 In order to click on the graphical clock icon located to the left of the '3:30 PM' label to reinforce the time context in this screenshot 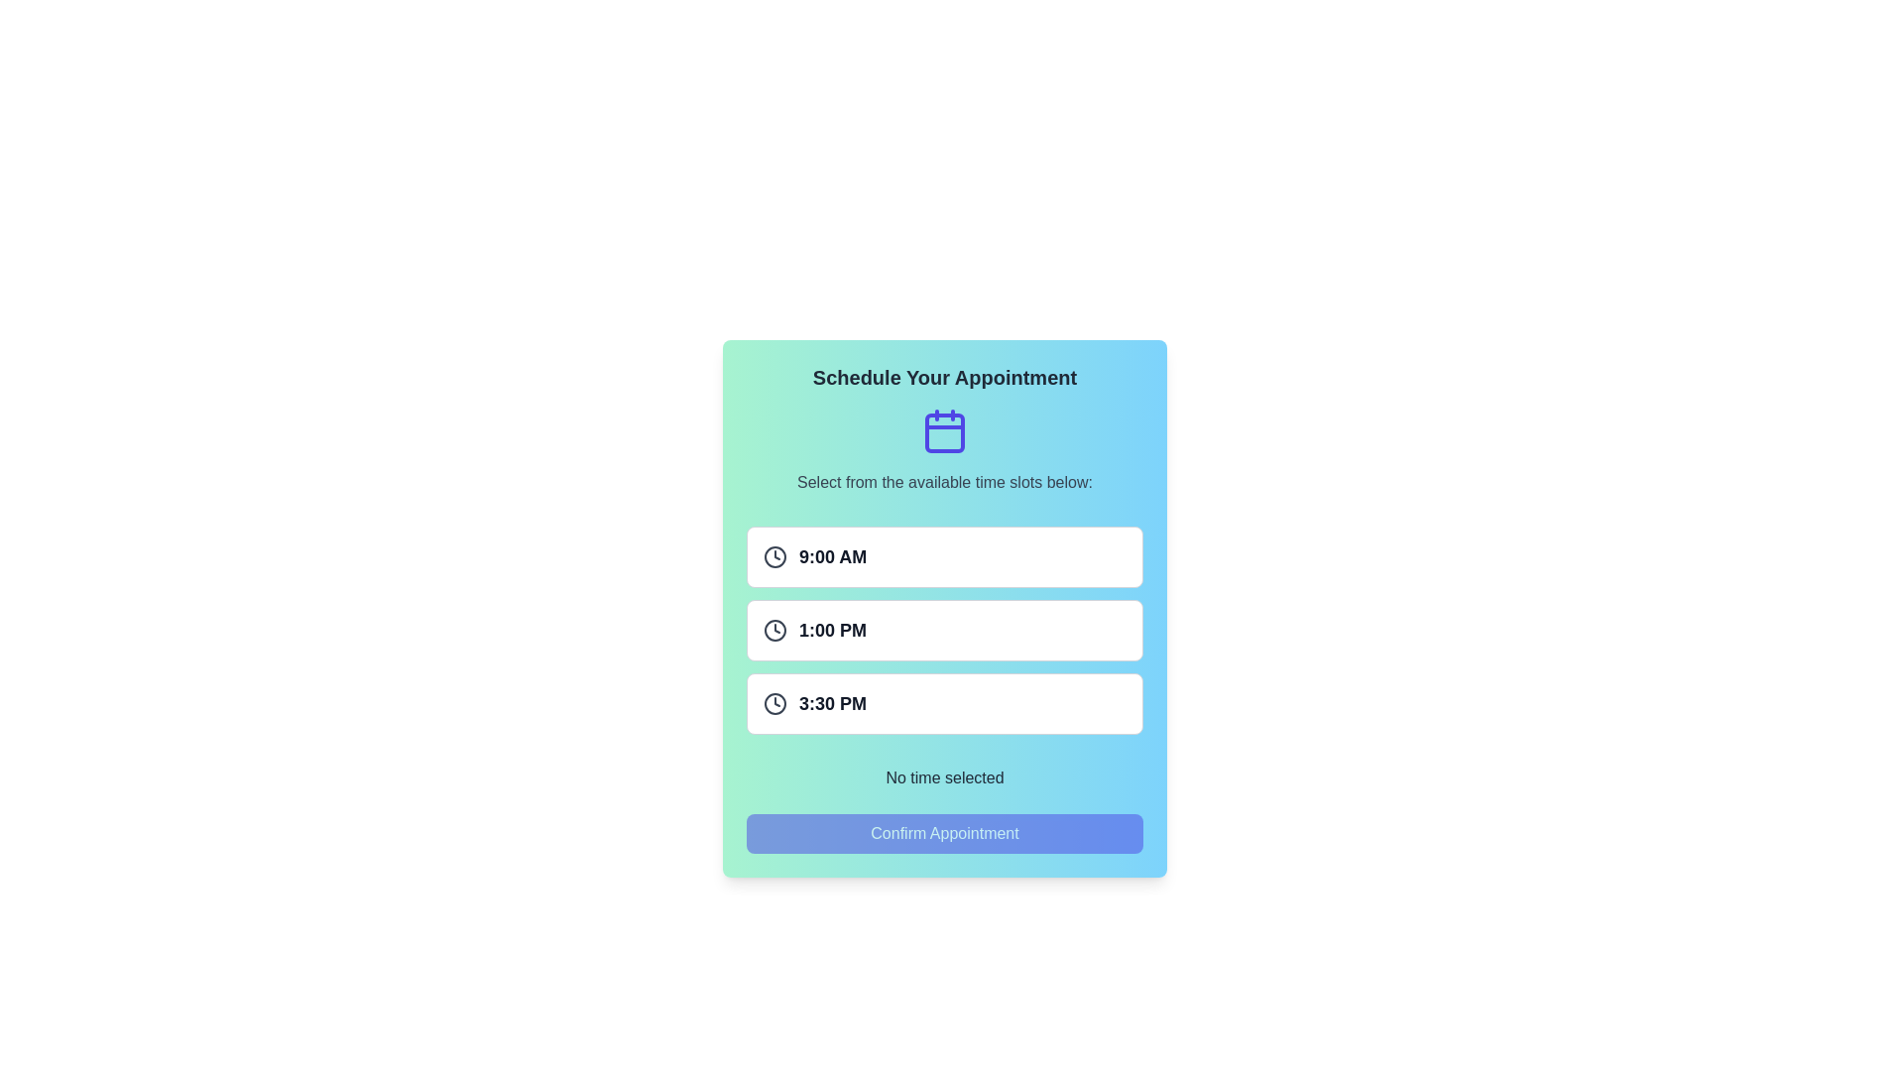, I will do `click(774, 702)`.